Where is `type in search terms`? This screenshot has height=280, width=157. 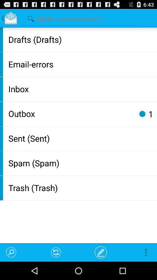 type in search terms is located at coordinates (79, 18).